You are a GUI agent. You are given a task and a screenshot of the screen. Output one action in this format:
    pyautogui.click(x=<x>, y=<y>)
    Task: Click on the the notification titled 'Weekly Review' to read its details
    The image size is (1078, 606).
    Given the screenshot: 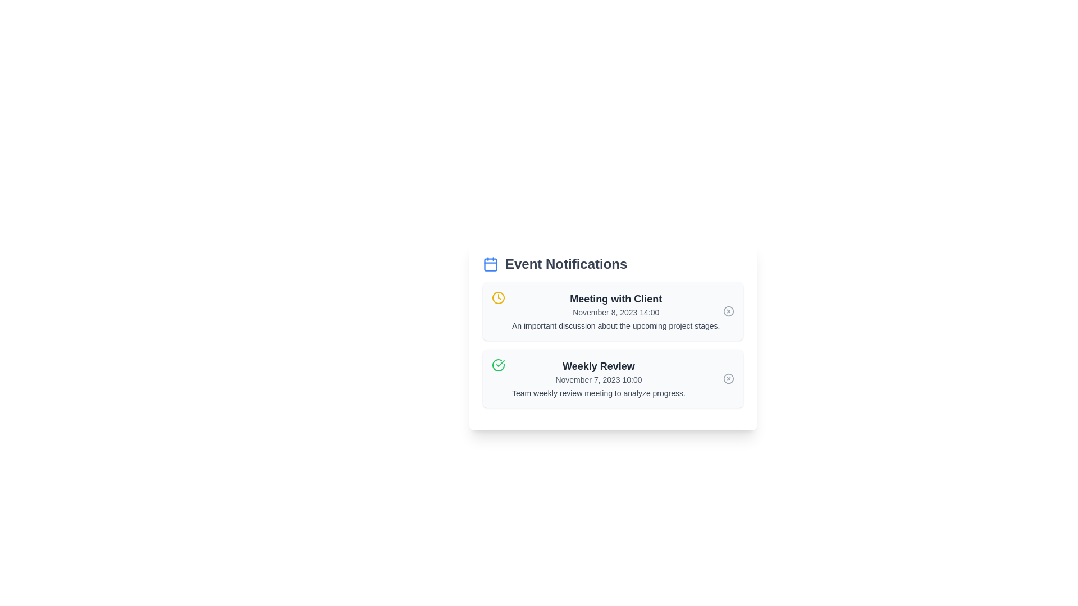 What is the action you would take?
    pyautogui.click(x=612, y=379)
    